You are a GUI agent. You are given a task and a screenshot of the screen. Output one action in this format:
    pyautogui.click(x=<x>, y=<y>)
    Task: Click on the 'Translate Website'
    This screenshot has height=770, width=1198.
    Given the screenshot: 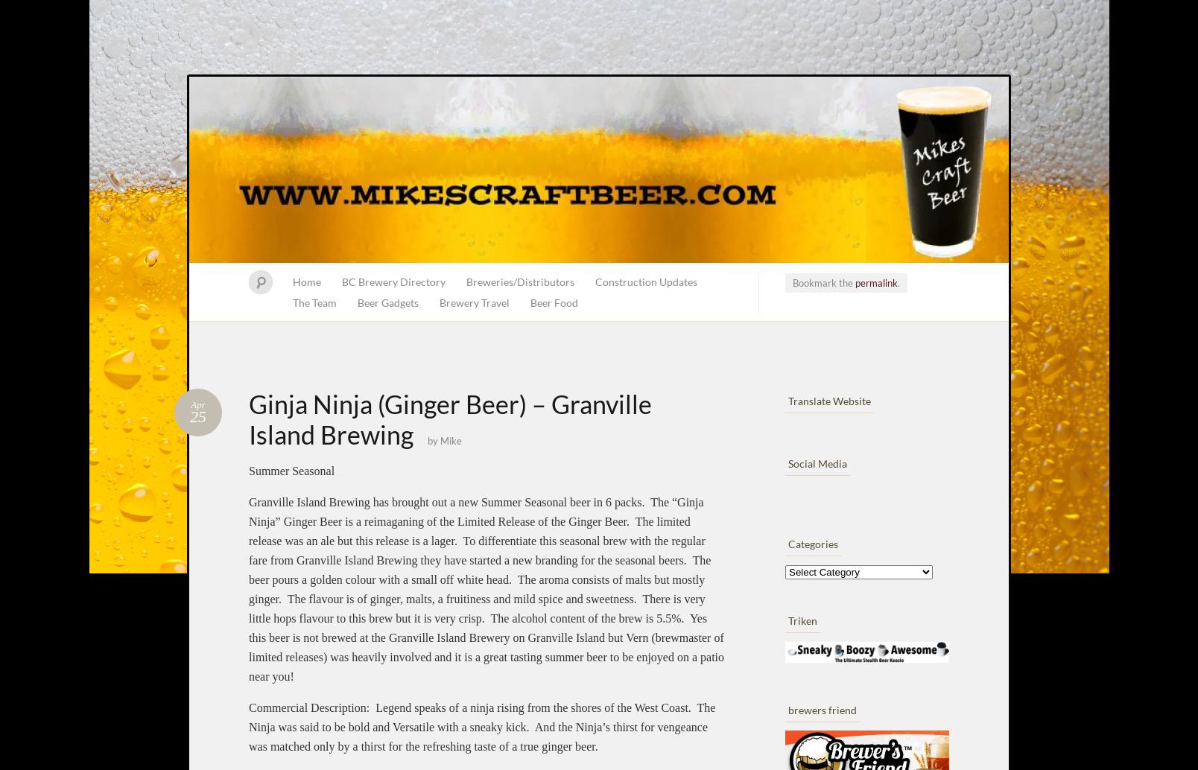 What is the action you would take?
    pyautogui.click(x=828, y=400)
    